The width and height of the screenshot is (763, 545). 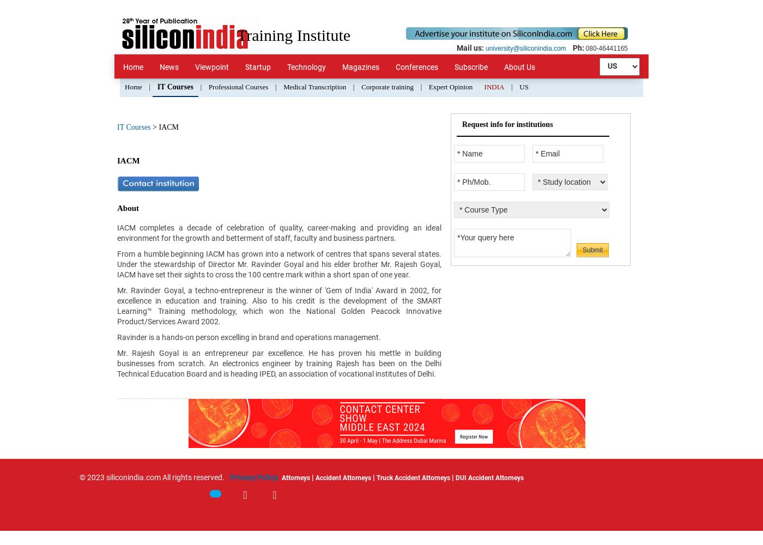 I want to click on 'Mail us:', so click(x=470, y=47).